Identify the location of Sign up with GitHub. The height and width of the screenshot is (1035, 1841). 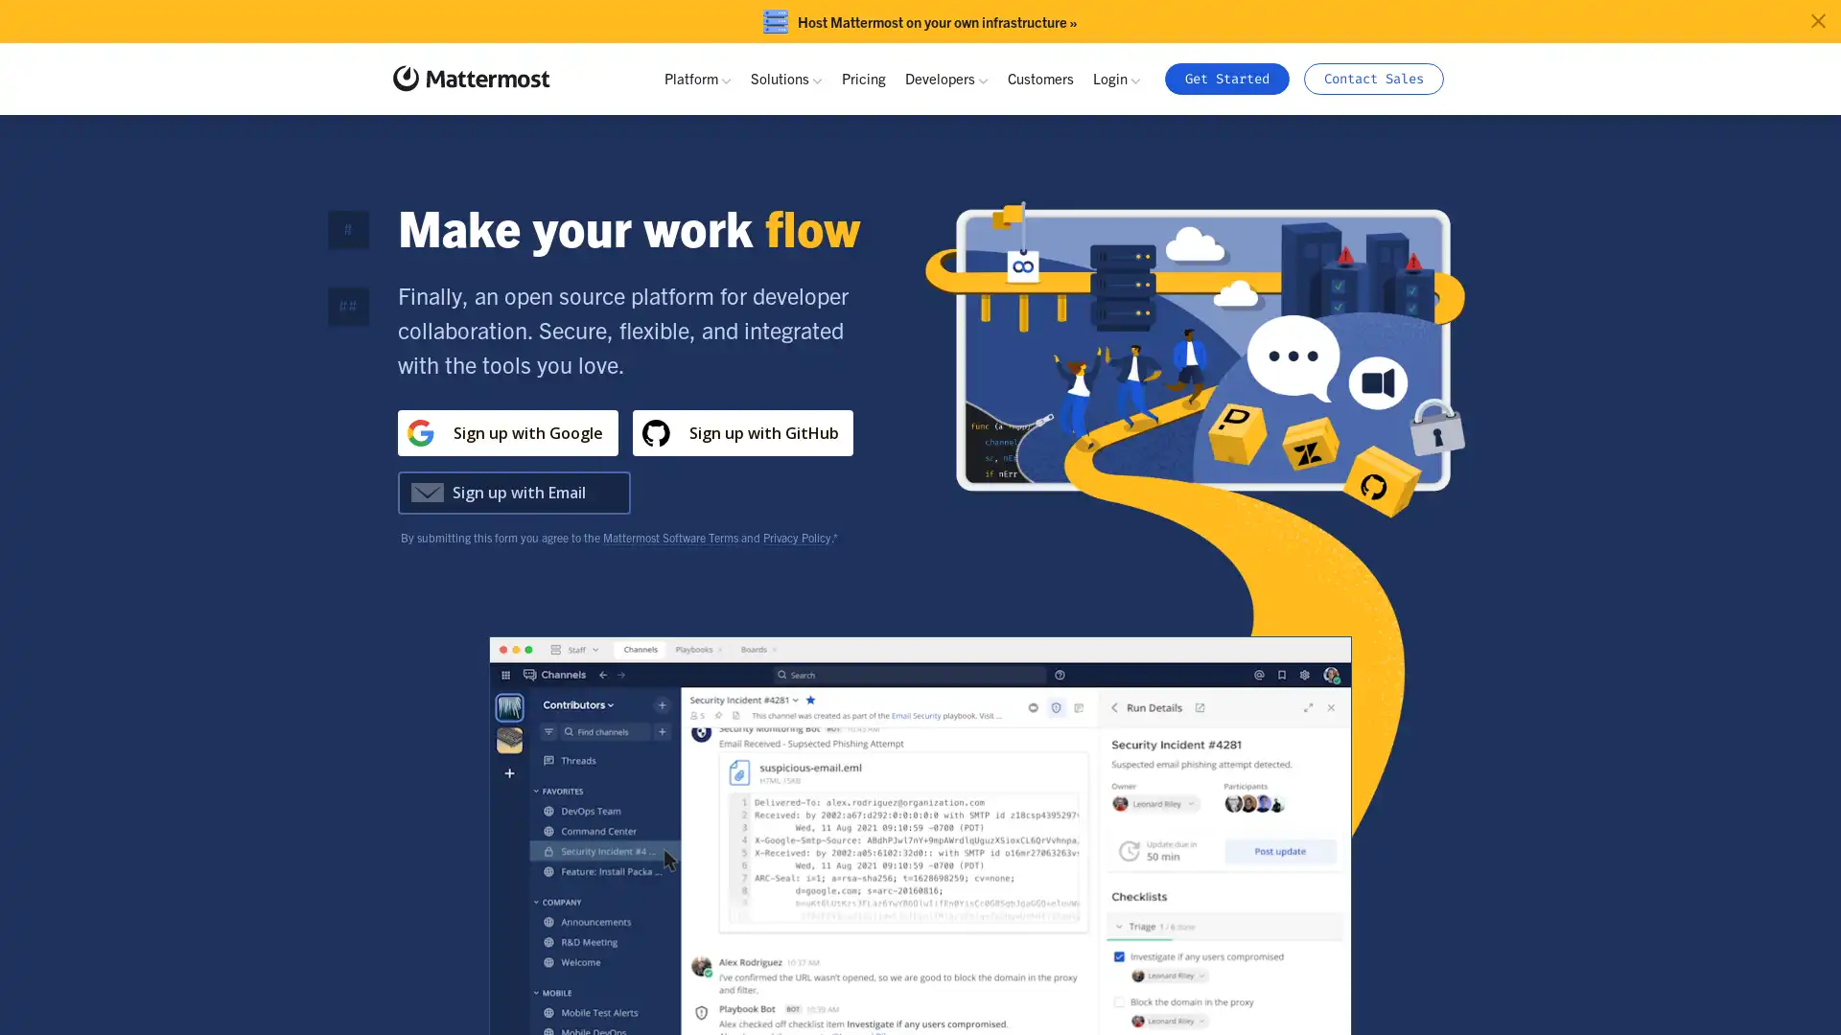
(740, 432).